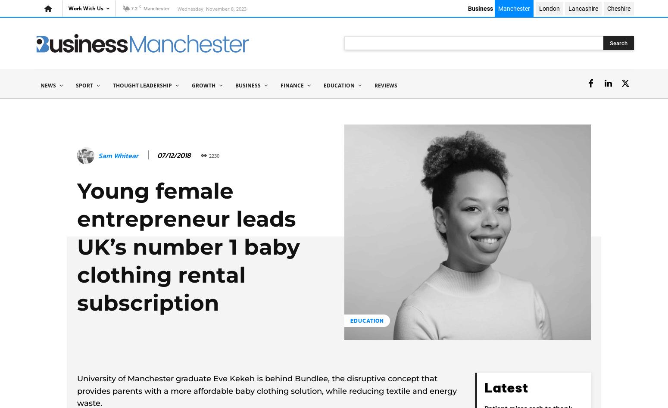 This screenshot has height=408, width=668. What do you see at coordinates (291, 85) in the screenshot?
I see `'Finance'` at bounding box center [291, 85].